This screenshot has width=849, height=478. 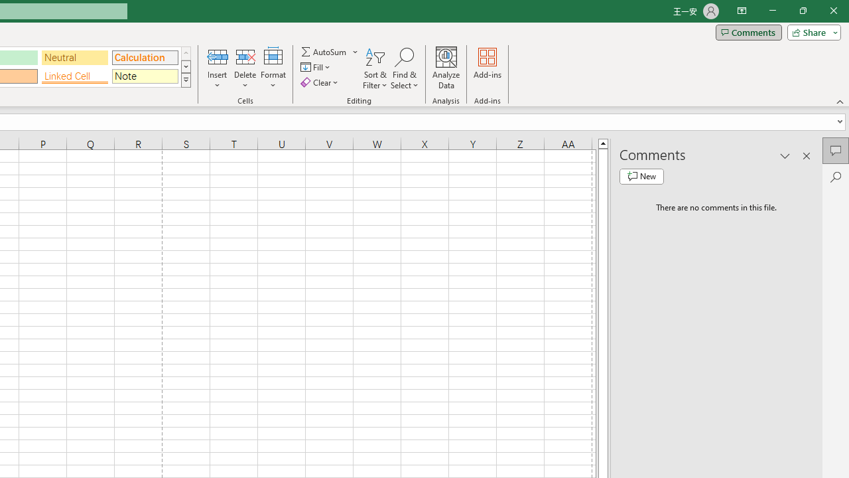 I want to click on 'Class: NetUIImage', so click(x=185, y=80).